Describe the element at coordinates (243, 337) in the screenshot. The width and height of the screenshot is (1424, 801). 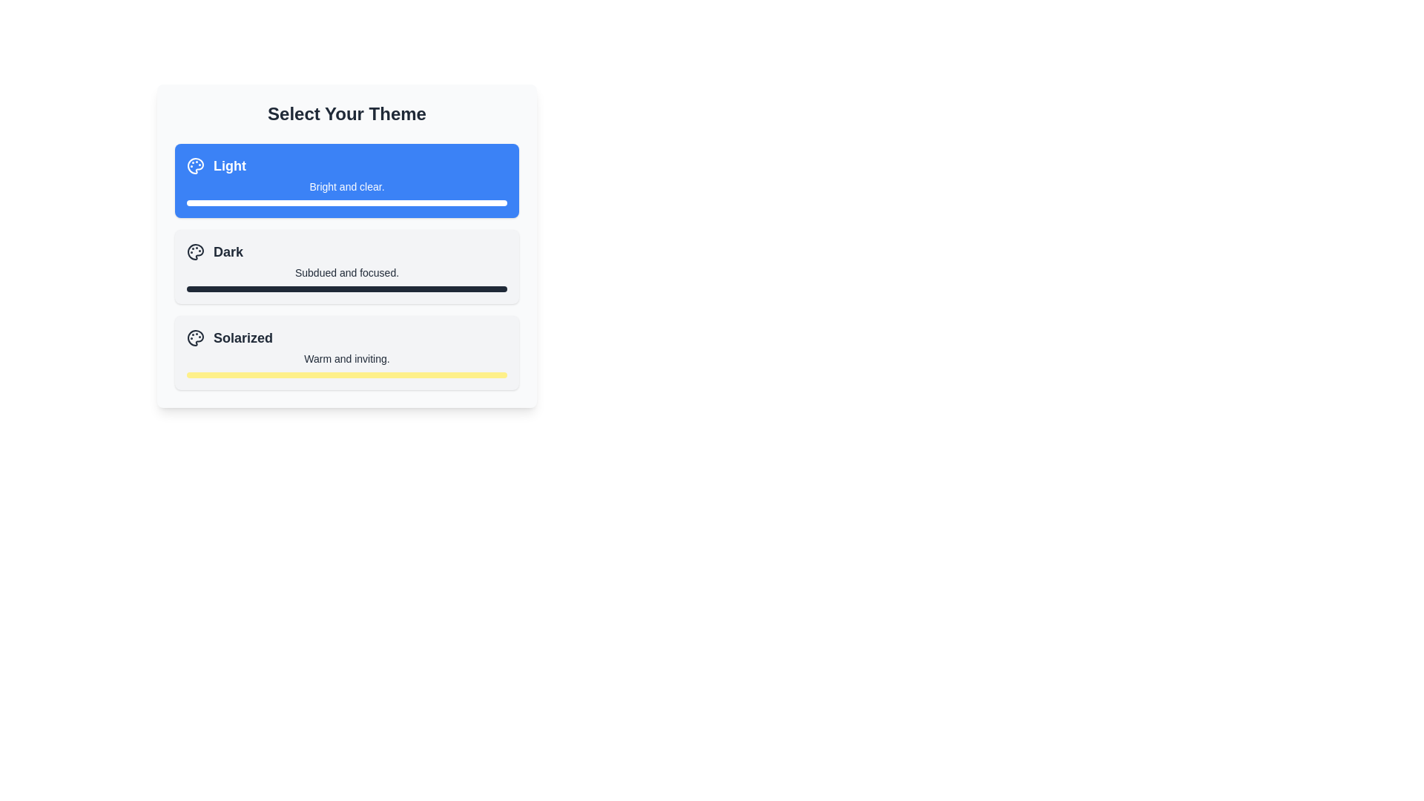
I see `the 'Solarized' label, which is a bold text element prominently displayed in the third section under 'Select Your Theme'` at that location.